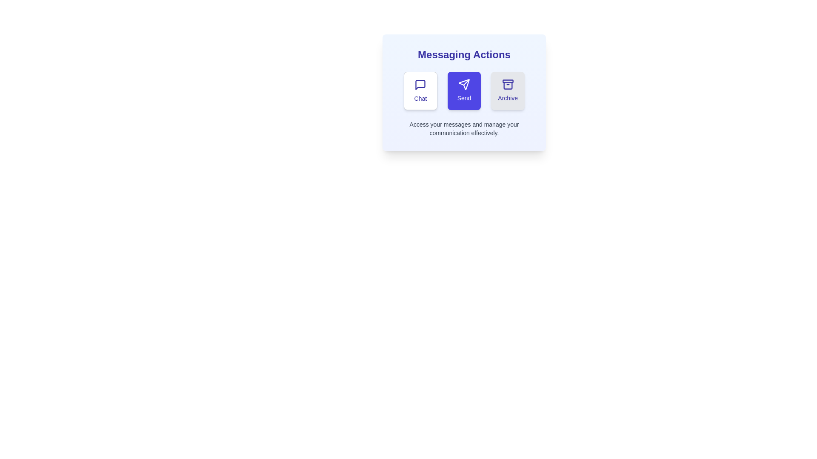 The image size is (817, 459). I want to click on the vector graphic icon resembling a speech bubble located in the 'Chat' button within the 'Messaging Actions' section to trigger the tooltip or highlight effect, so click(420, 85).